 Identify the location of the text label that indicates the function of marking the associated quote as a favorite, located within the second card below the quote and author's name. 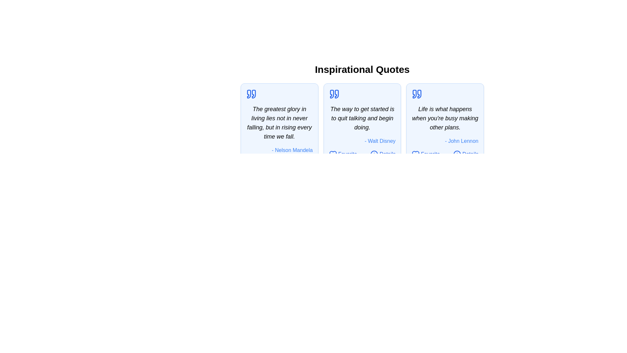
(347, 154).